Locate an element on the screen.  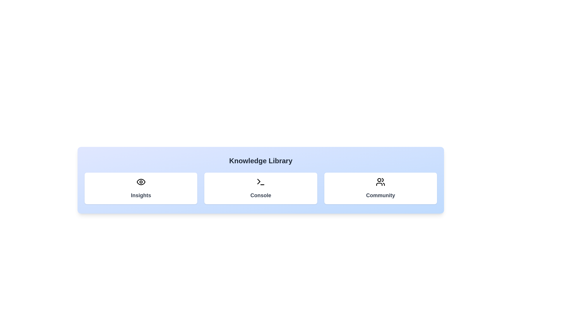
the interactive terminal prompt icon located at the center of the 'Console' card in the Knowledge Library section is located at coordinates (261, 181).